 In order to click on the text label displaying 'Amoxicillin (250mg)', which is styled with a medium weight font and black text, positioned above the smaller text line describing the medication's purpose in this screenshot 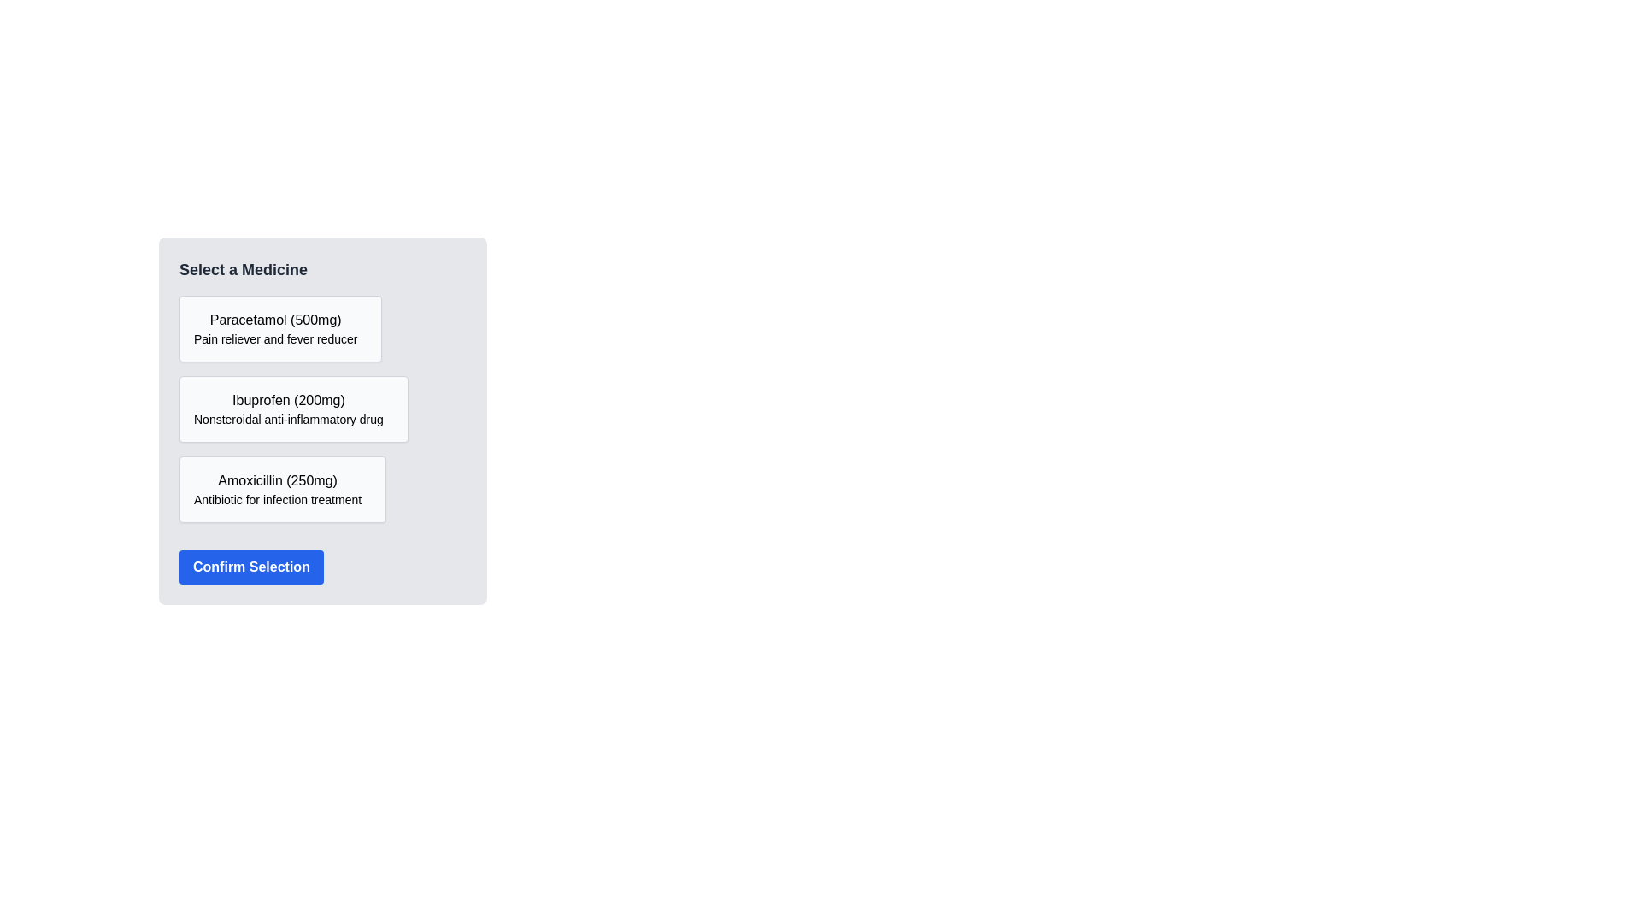, I will do `click(278, 481)`.